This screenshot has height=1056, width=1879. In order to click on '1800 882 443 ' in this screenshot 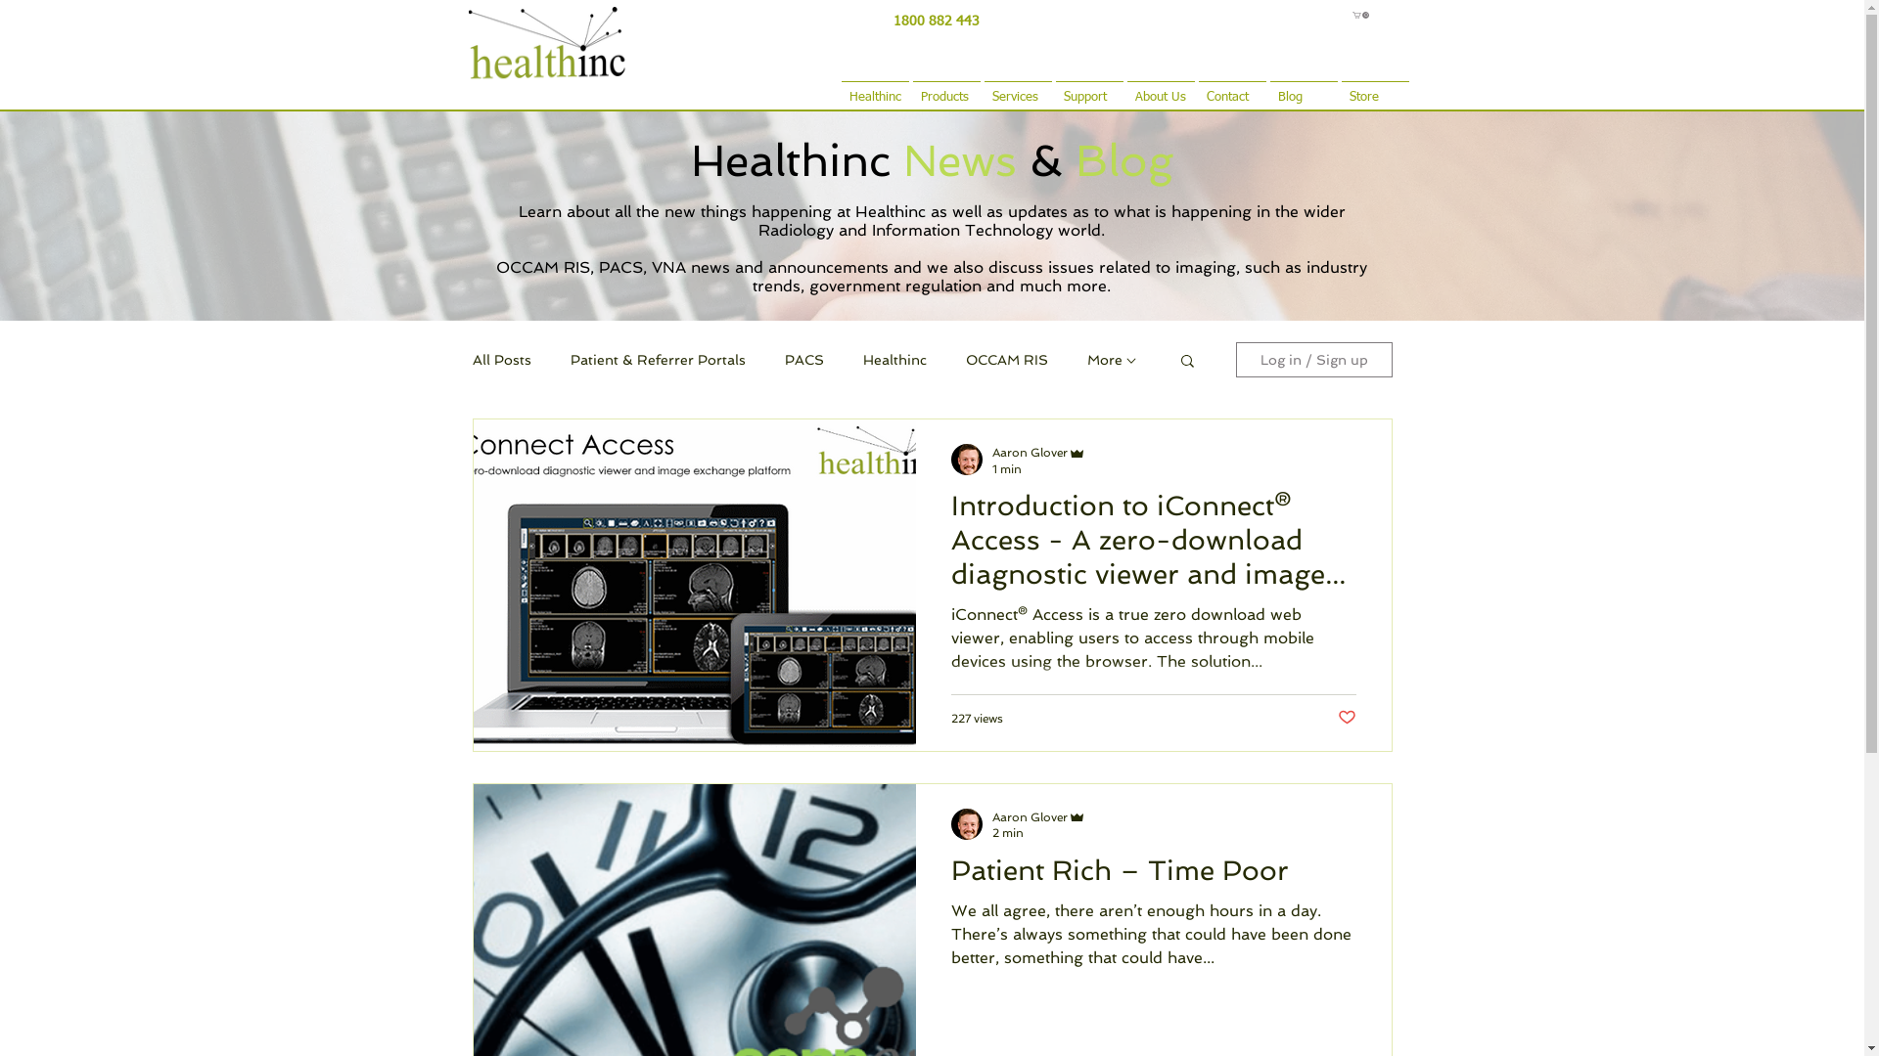, I will do `click(937, 20)`.